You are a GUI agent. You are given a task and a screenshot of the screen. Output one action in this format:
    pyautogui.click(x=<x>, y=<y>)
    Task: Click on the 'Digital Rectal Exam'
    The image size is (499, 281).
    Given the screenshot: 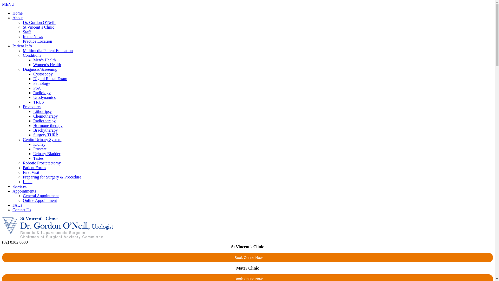 What is the action you would take?
    pyautogui.click(x=33, y=79)
    